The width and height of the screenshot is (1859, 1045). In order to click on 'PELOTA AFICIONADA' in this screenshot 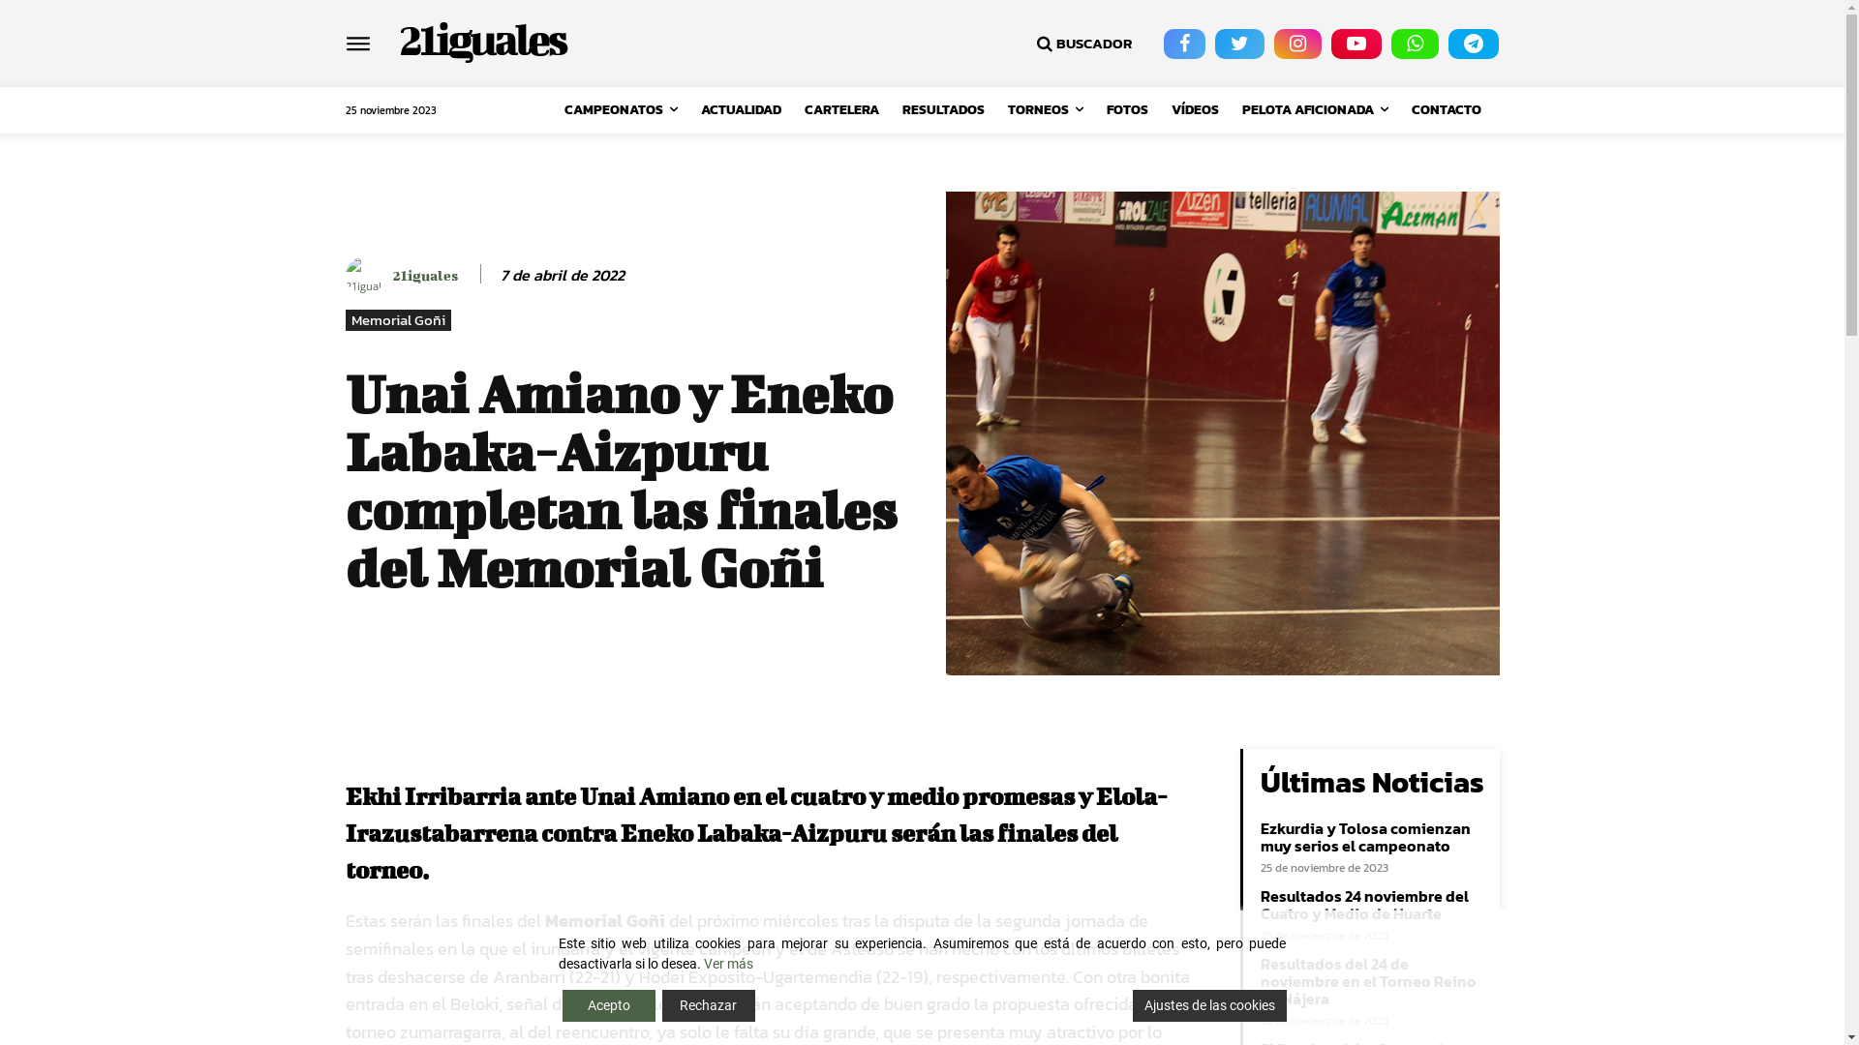, I will do `click(1230, 110)`.